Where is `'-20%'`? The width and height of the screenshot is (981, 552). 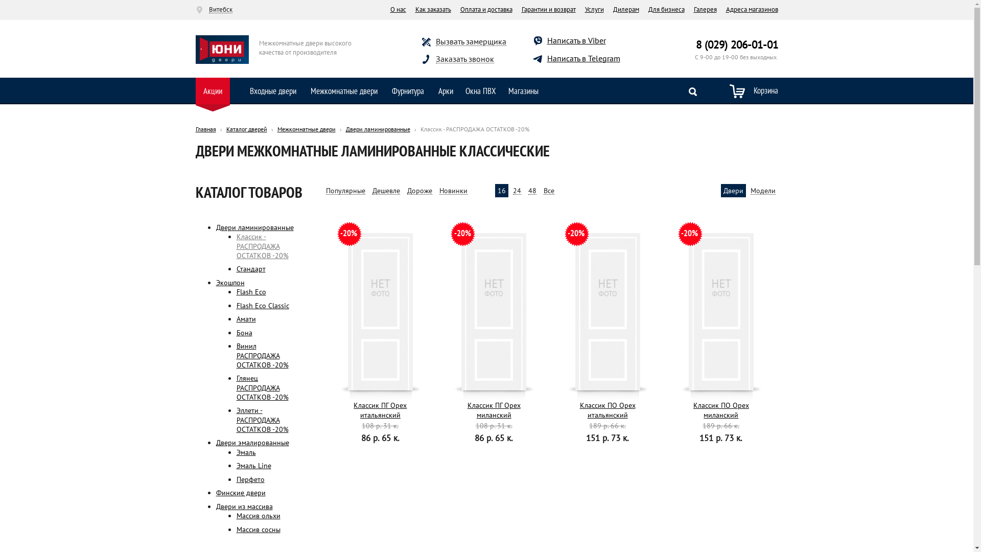
'-20%' is located at coordinates (608, 311).